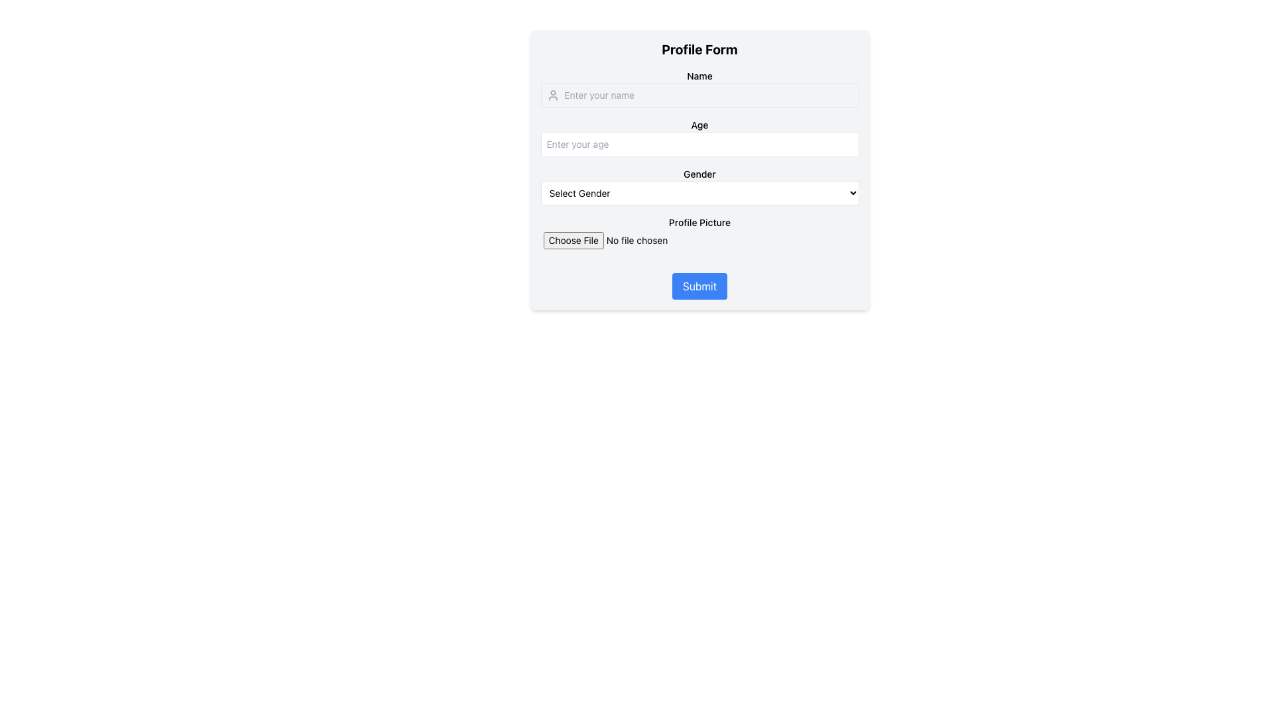 The image size is (1273, 716). Describe the element at coordinates (552, 94) in the screenshot. I see `the user icon, which is a light gray human silhouette positioned to the left of the 'Enter your name' input field` at that location.